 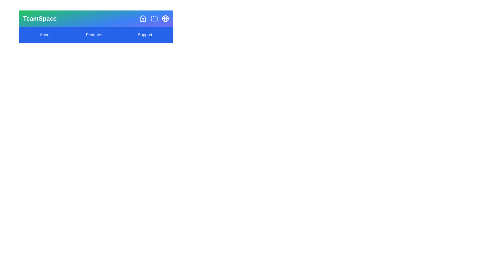 I want to click on the 'Support' menu item to access support information, so click(x=144, y=35).